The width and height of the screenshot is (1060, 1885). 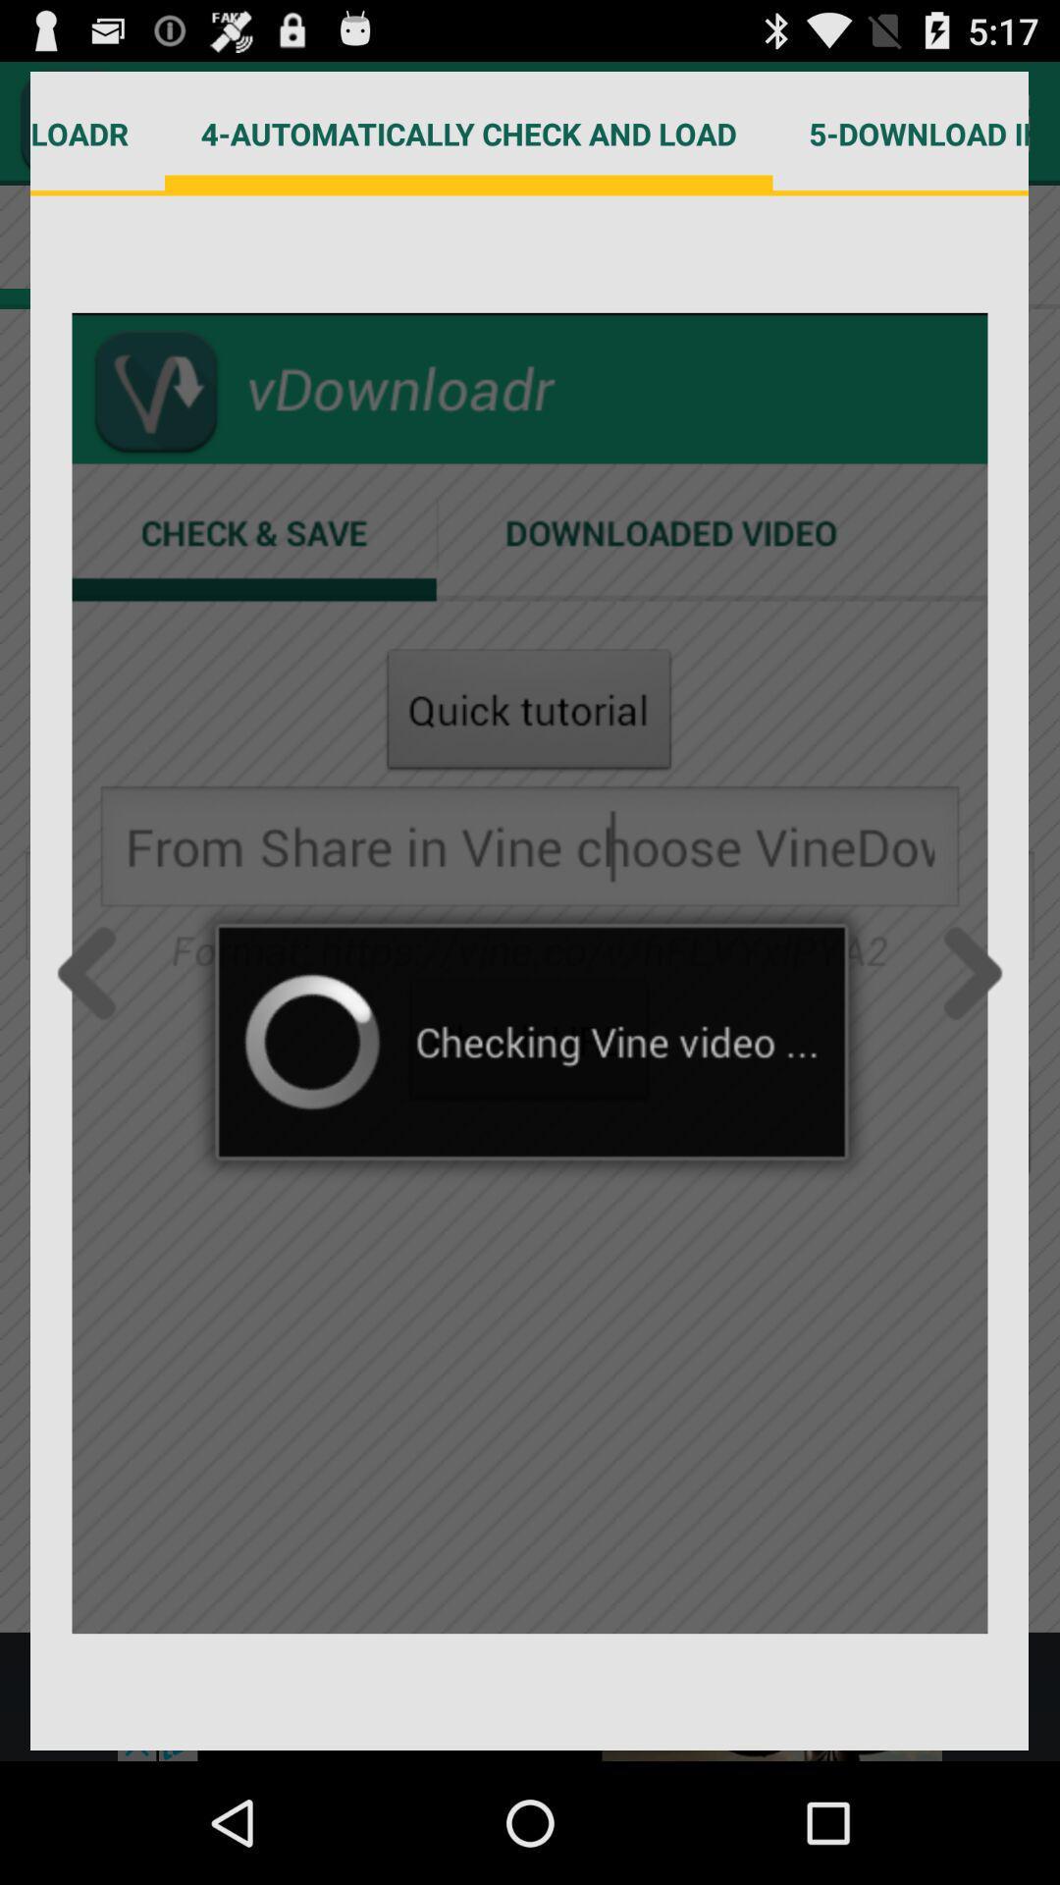 I want to click on app at the top left corner, so click(x=97, y=133).